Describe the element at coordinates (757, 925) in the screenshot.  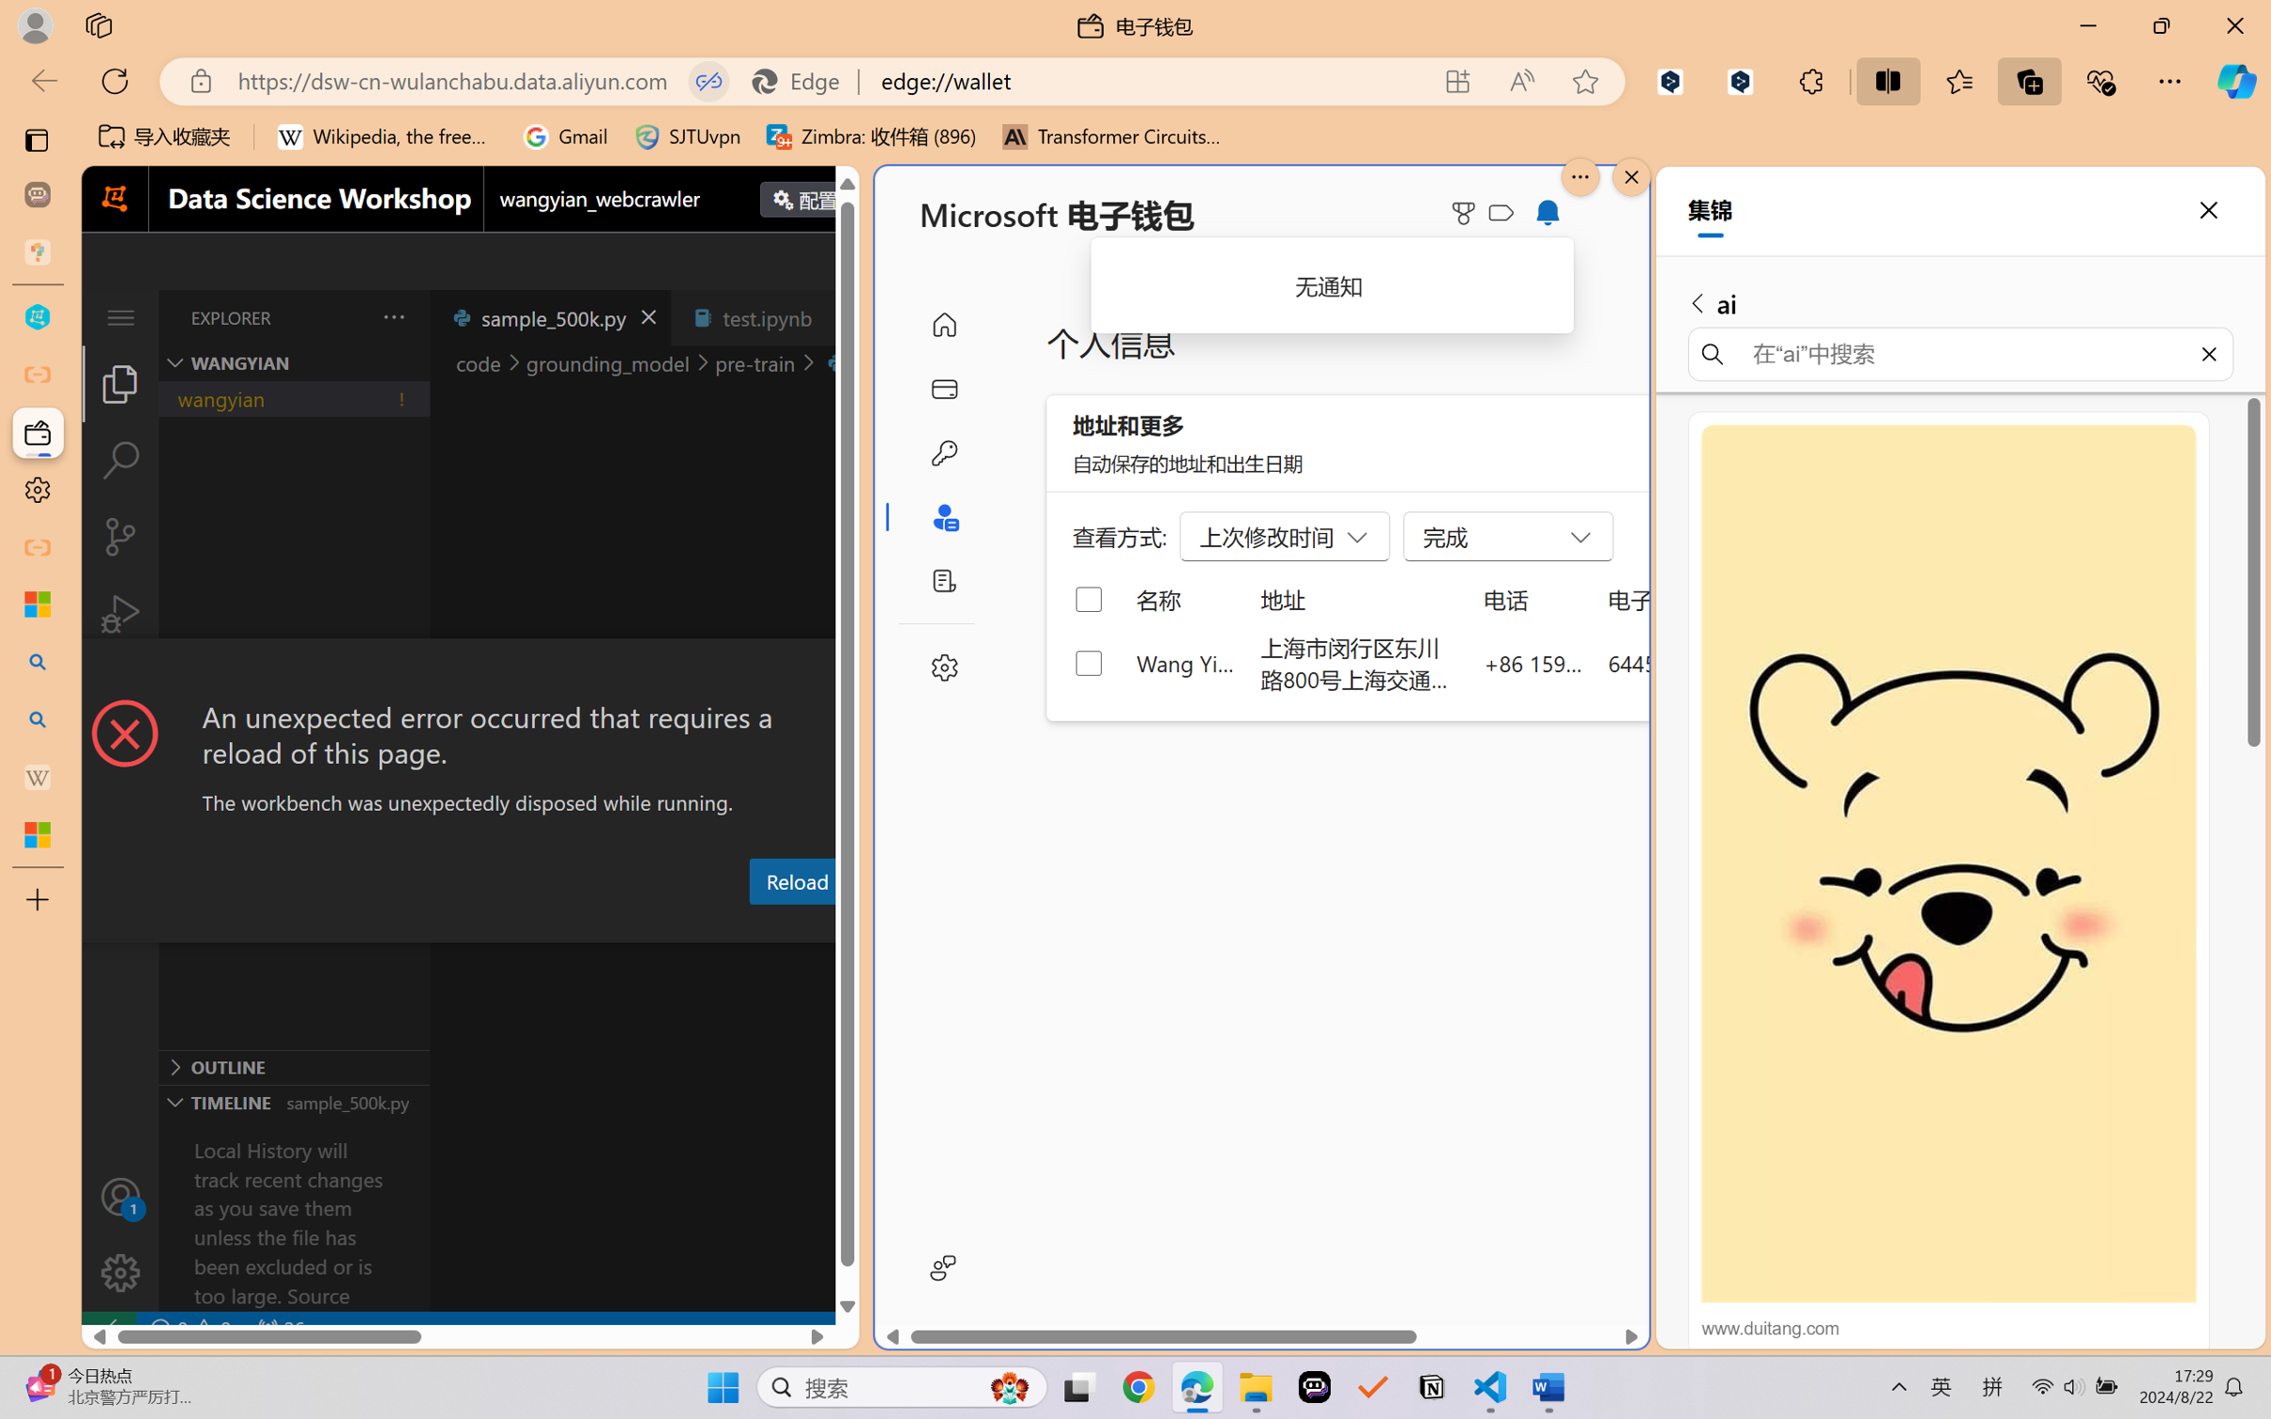
I see `'Debug Console (Ctrl+Shift+Y)'` at that location.